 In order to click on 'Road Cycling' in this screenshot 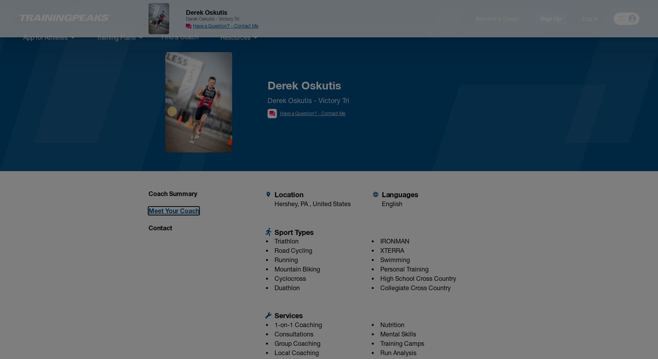, I will do `click(293, 250)`.